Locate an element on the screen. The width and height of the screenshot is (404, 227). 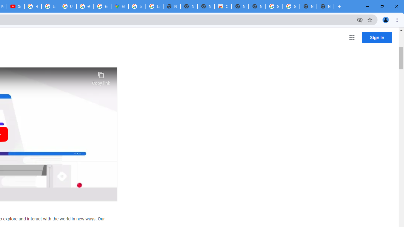
'How Chrome protects your passwords - Google Chrome Help' is located at coordinates (33, 6).